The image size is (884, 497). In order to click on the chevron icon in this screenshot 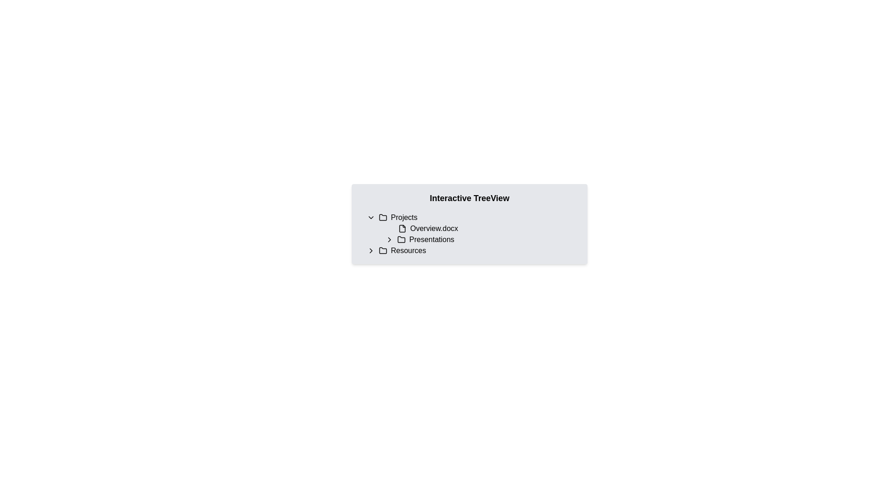, I will do `click(389, 239)`.